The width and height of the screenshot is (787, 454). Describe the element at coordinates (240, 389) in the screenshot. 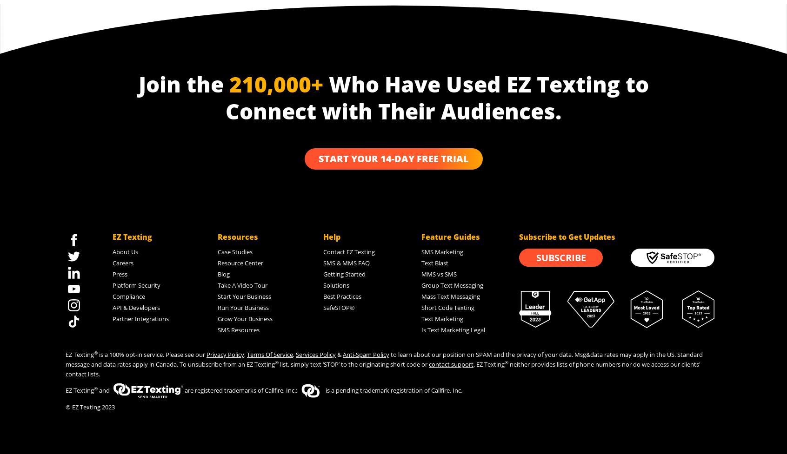

I see `'are registered trademarks of Callfire, Inc.;'` at that location.